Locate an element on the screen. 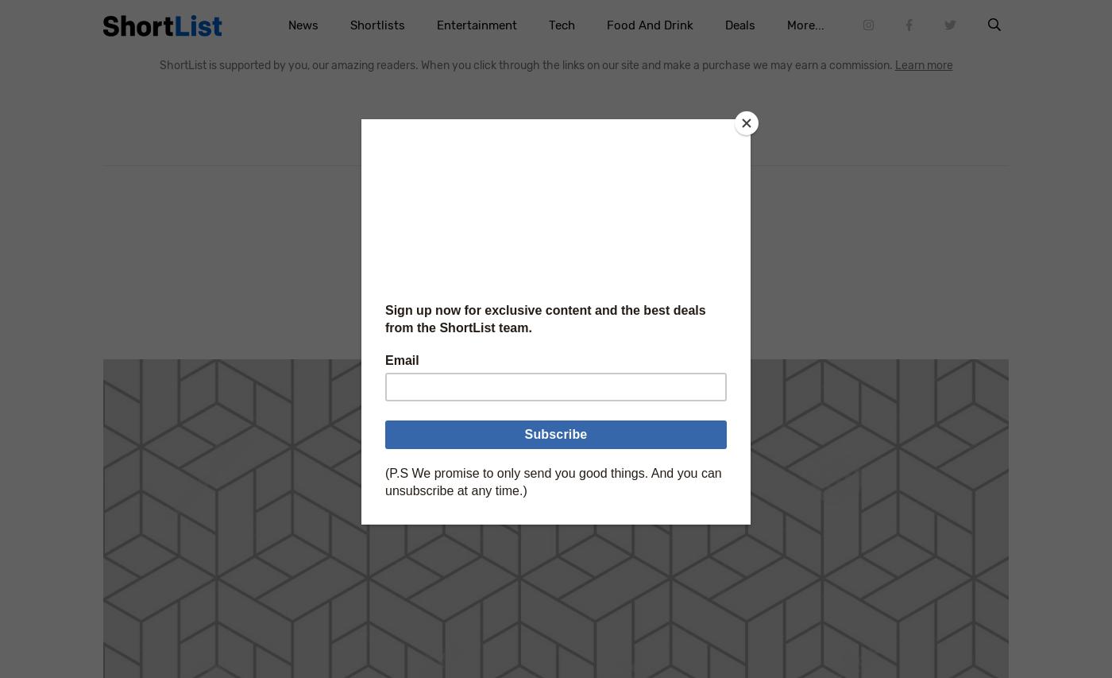 This screenshot has width=1112, height=678. 'Entertainment' is located at coordinates (476, 24).